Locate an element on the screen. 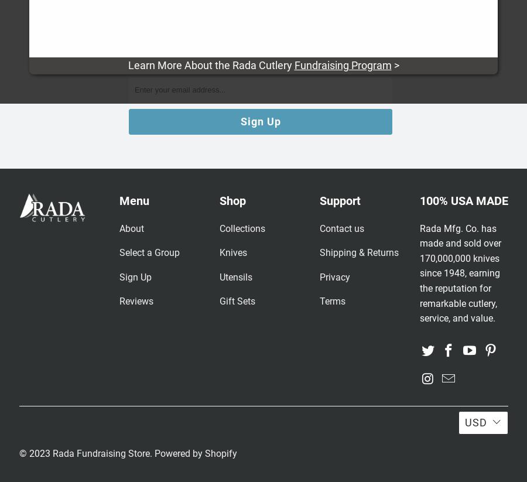 The image size is (527, 482). 'Contact us' is located at coordinates (319, 227).